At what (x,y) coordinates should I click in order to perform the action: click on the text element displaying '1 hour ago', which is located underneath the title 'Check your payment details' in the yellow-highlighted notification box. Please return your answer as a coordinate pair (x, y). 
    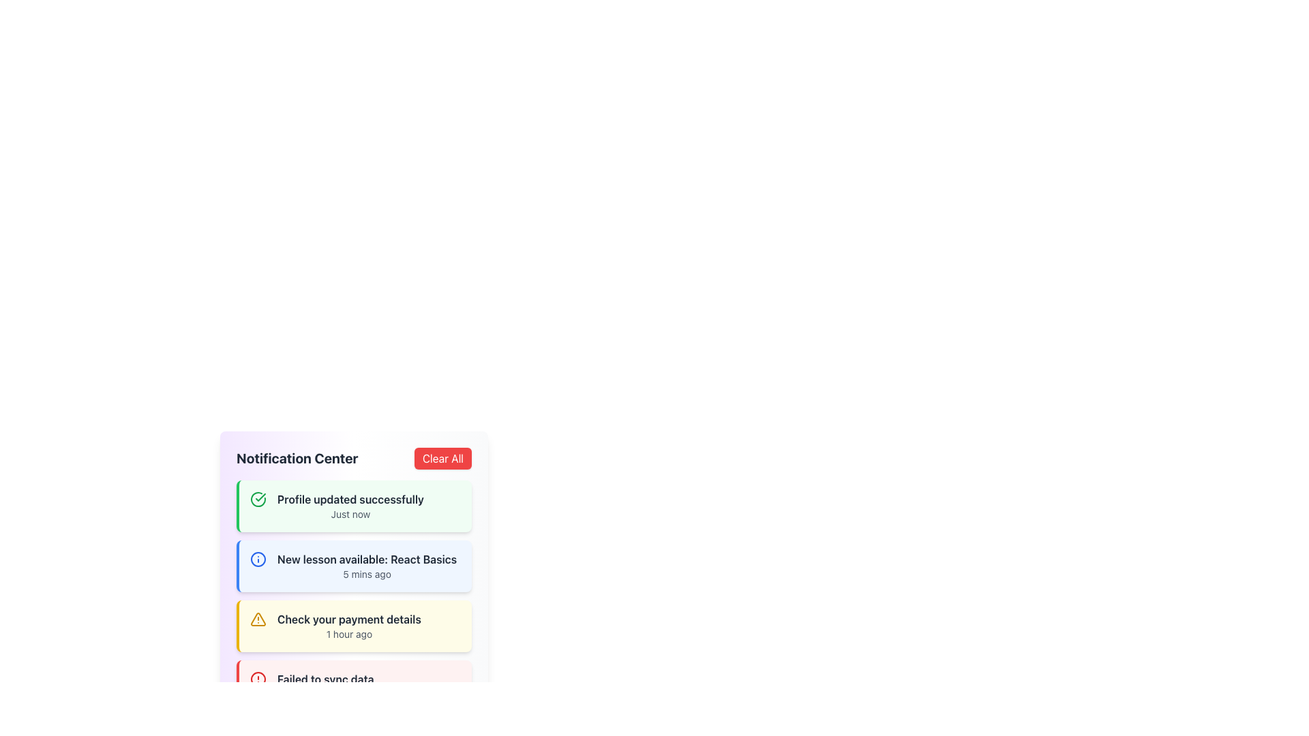
    Looking at the image, I should click on (349, 634).